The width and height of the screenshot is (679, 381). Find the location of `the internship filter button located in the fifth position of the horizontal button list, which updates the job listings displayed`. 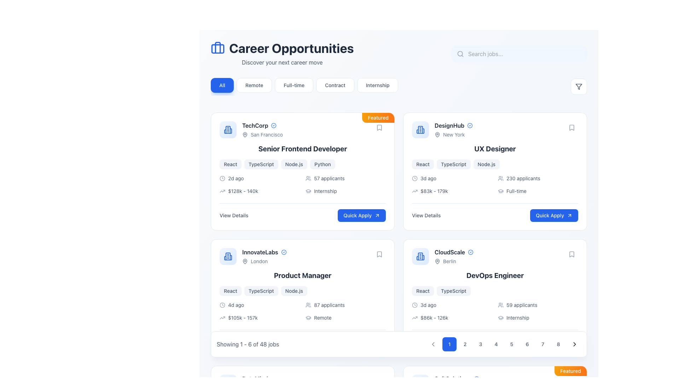

the internship filter button located in the fifth position of the horizontal button list, which updates the job listings displayed is located at coordinates (377, 85).